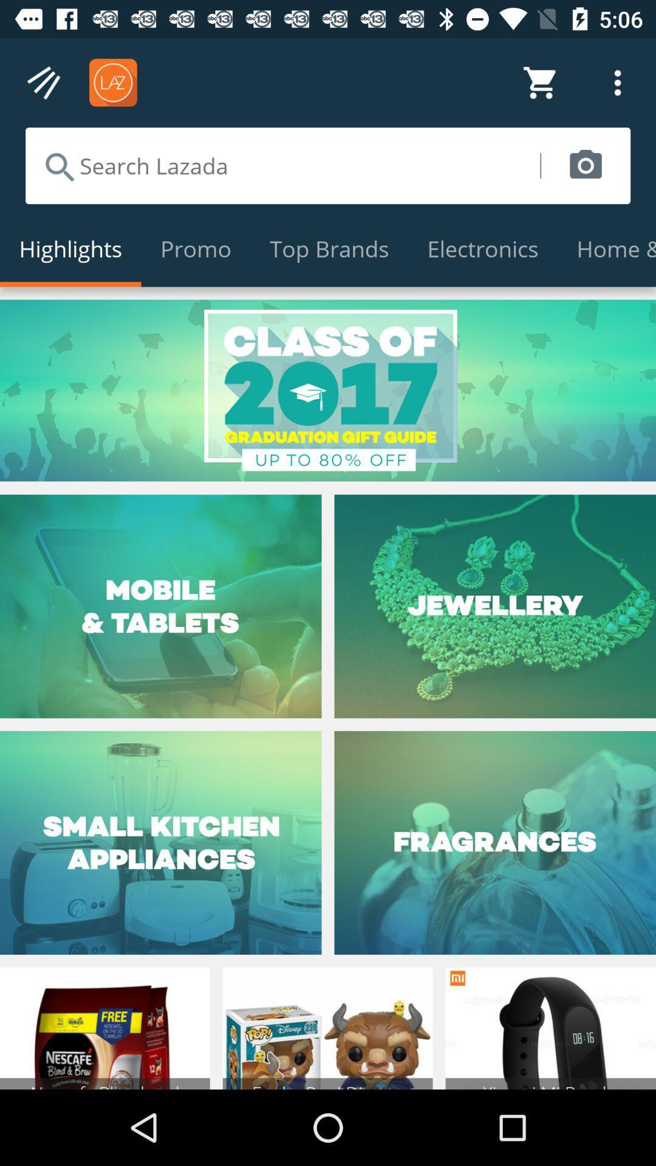  Describe the element at coordinates (282, 165) in the screenshot. I see `search` at that location.